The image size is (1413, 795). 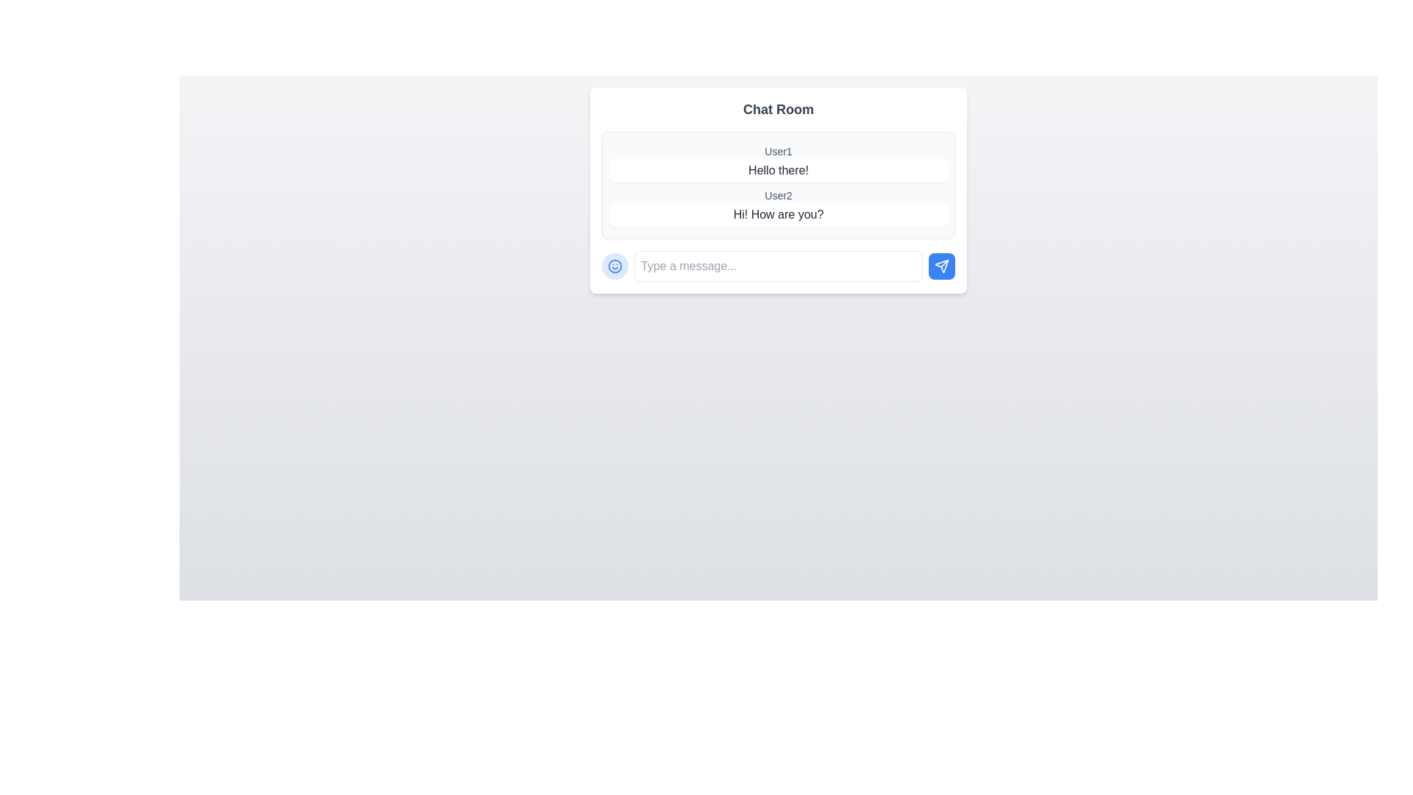 What do you see at coordinates (944, 263) in the screenshot?
I see `the decorative vector graphic inside the send button located at the bottom-right corner of the chat interface, which features an upward pointing arrow within a blue circular background` at bounding box center [944, 263].